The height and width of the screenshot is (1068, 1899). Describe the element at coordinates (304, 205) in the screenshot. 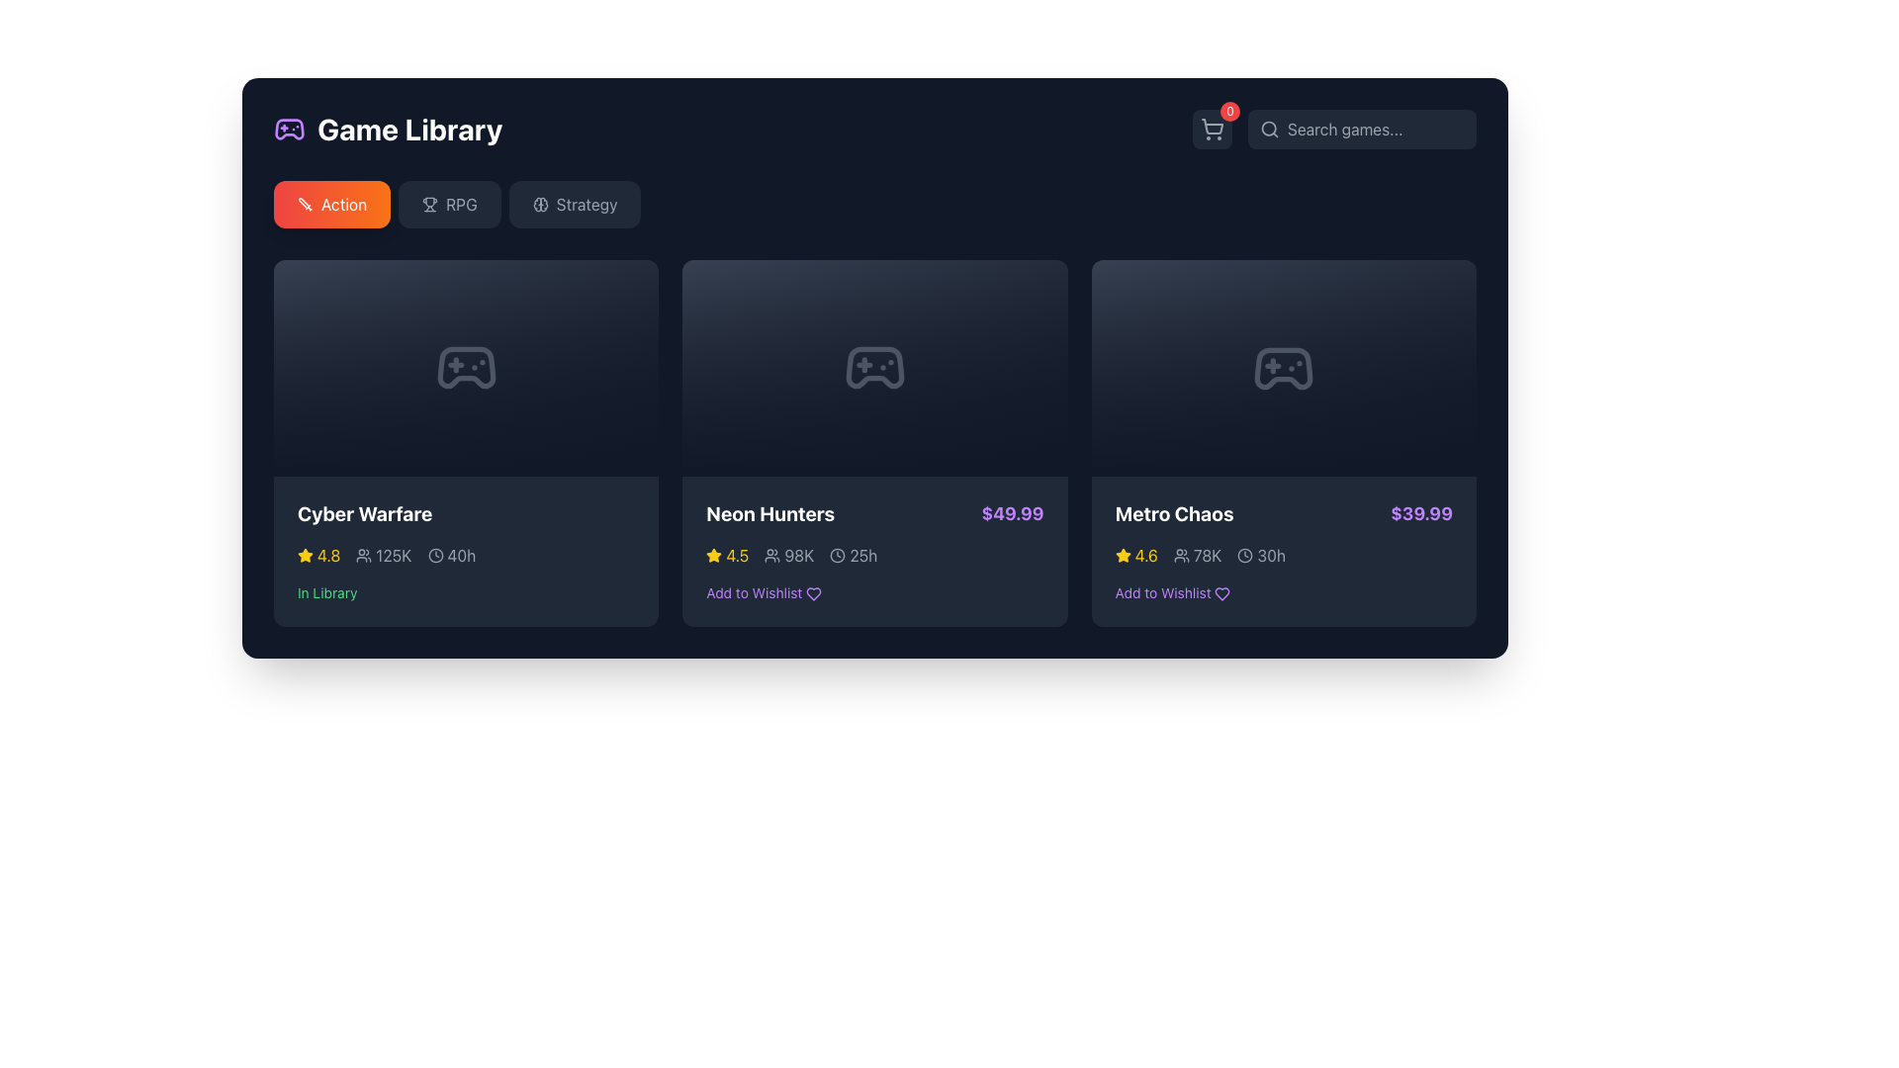

I see `the sword icon located within the rectangular button labeled 'Action' in the top-left quadrant of the interface` at that location.